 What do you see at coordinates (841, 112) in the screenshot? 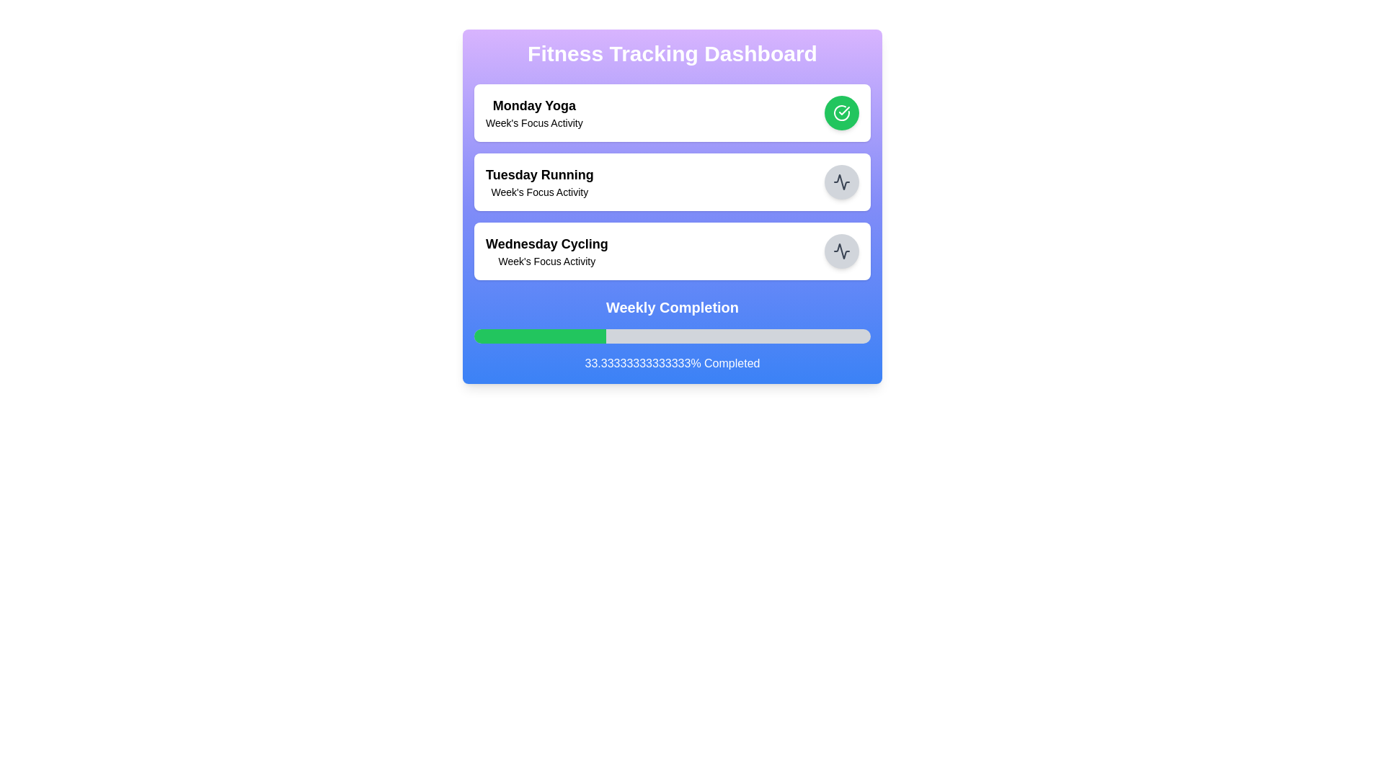
I see `the button in the top right corner of the 'Monday Yoga' row to mark the activity as completed` at bounding box center [841, 112].